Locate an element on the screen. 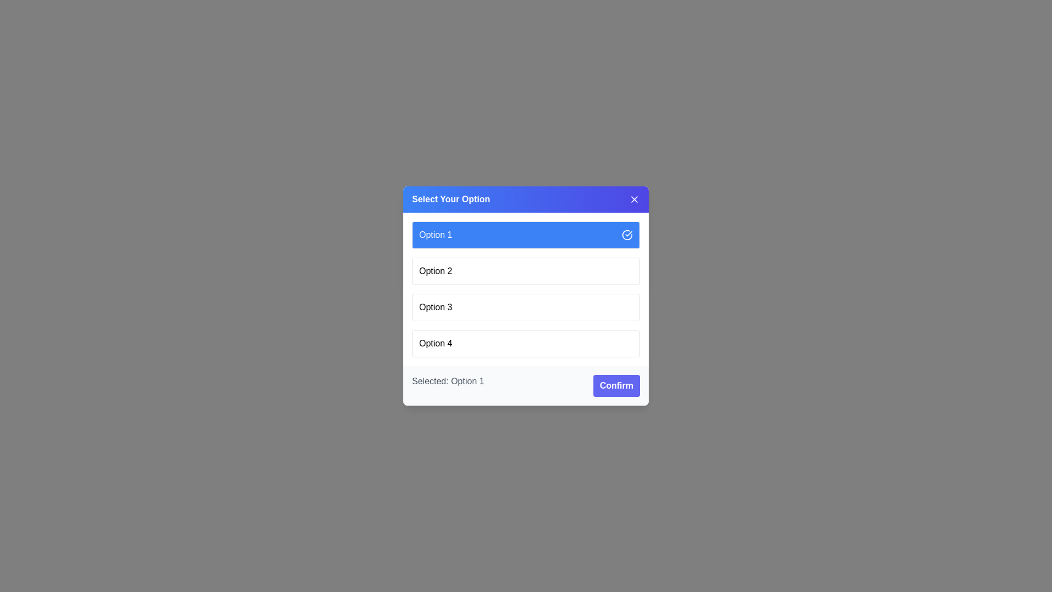 The height and width of the screenshot is (592, 1052). the close button icon, represented by a small cross or 'X', located at the top-right corner of the dialog box labeled 'Select Your Option' is located at coordinates (634, 199).